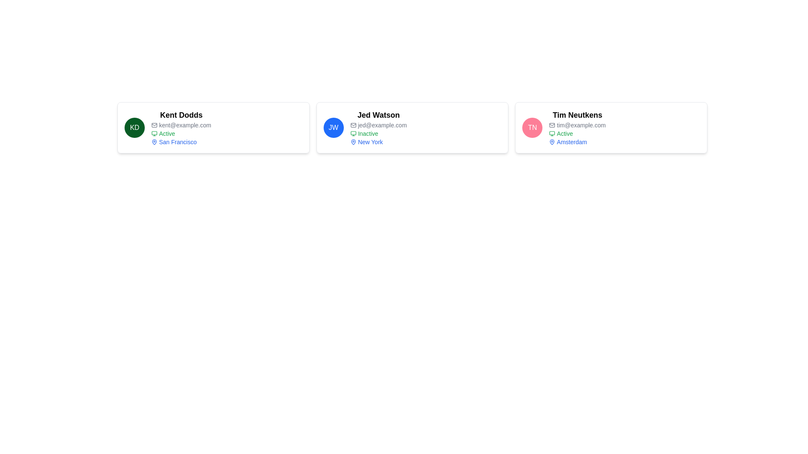 This screenshot has width=808, height=454. What do you see at coordinates (154, 125) in the screenshot?
I see `the visual representation of the mail icon resembling an envelope, located next to the email address 'kent@example.com' in the user card for 'Kent Dodds'` at bounding box center [154, 125].